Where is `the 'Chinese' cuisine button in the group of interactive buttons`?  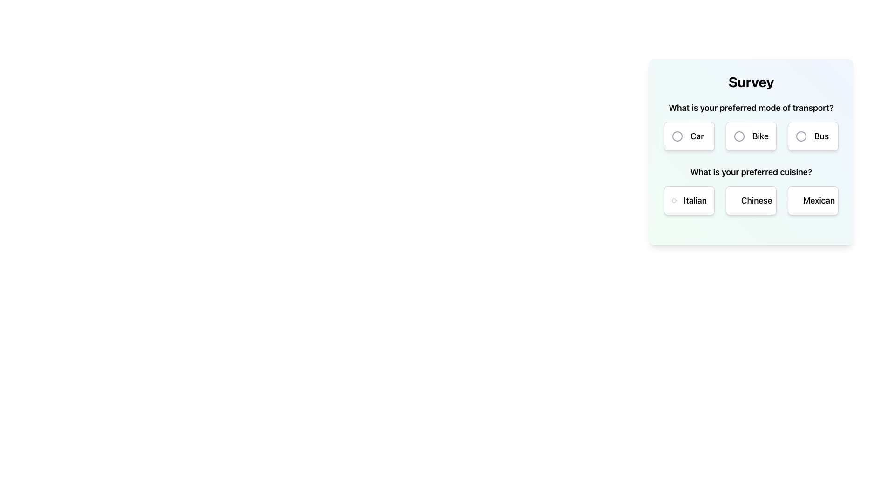 the 'Chinese' cuisine button in the group of interactive buttons is located at coordinates (751, 200).